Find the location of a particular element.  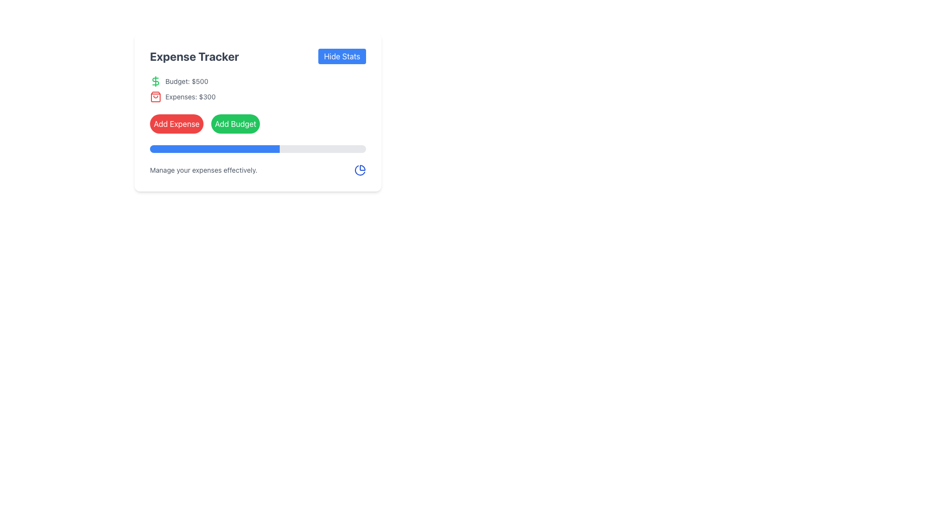

the functionality related to the arc component of the pie chart SVG element located in the bottom-right section of the card layout is located at coordinates (362, 167).